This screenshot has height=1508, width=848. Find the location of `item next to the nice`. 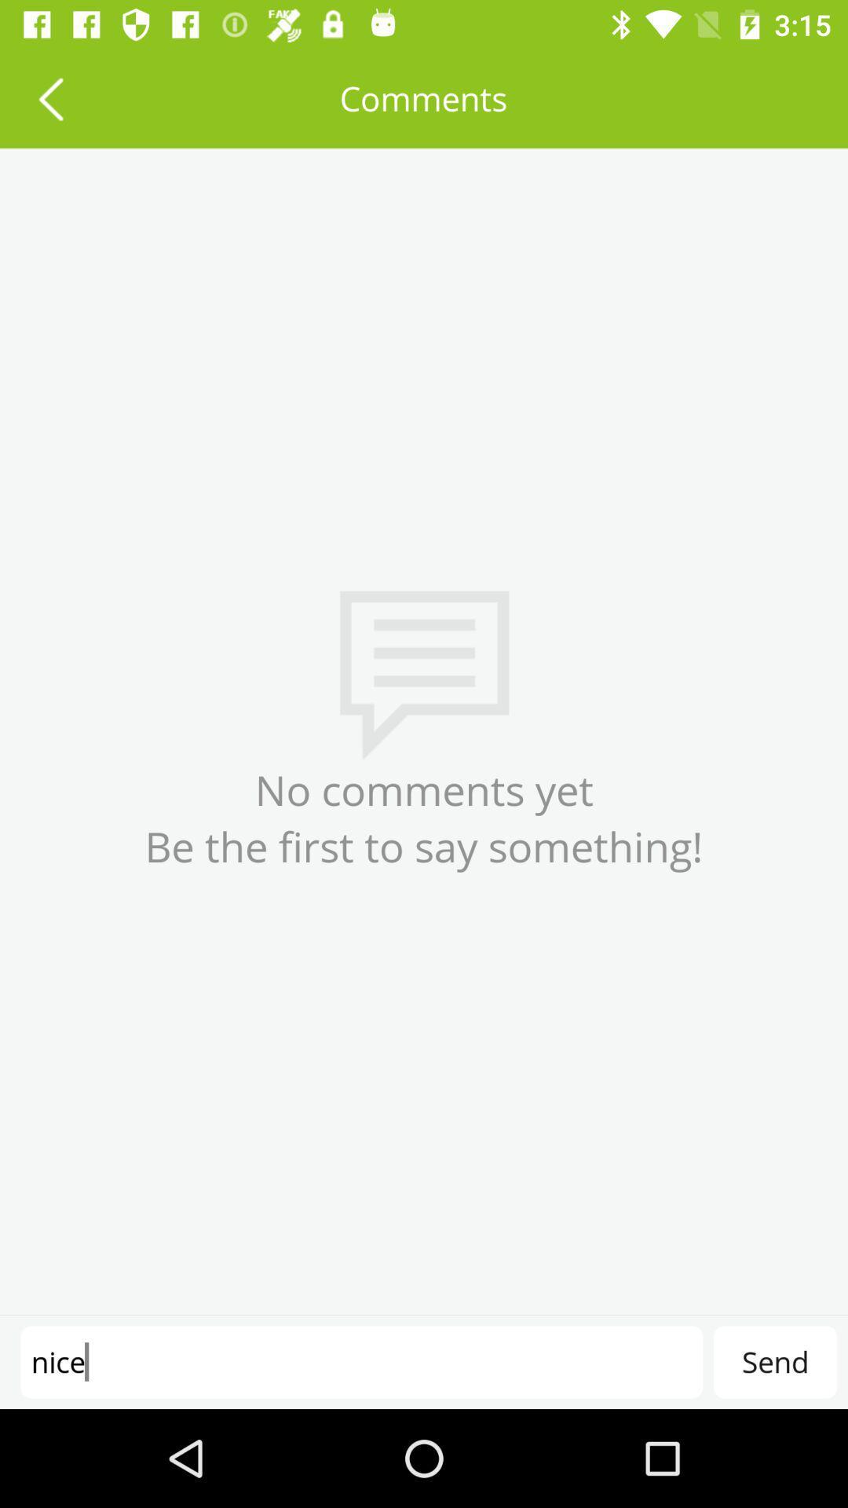

item next to the nice is located at coordinates (774, 1361).